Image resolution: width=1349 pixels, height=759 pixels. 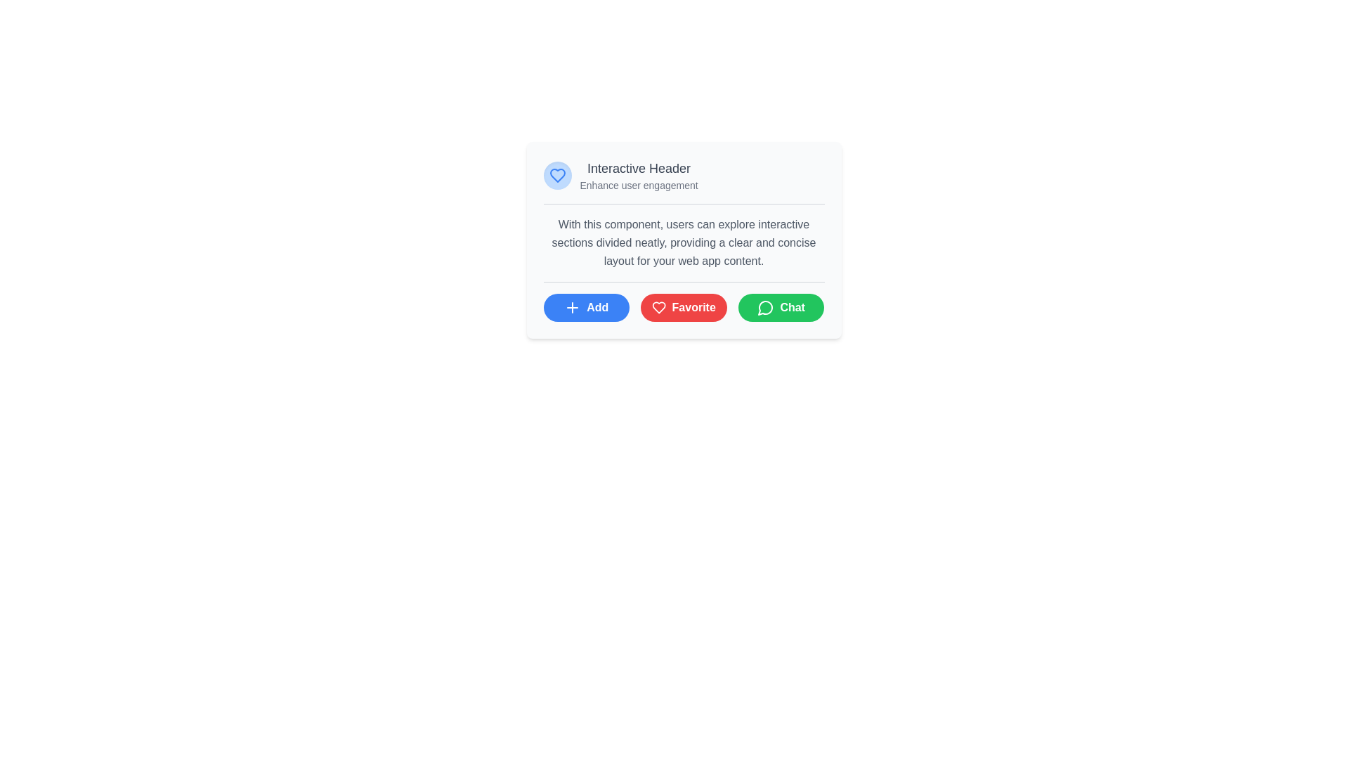 I want to click on the 'Add Item' button located on the left within a row of three buttons at the bottom of the card layout, so click(x=586, y=307).